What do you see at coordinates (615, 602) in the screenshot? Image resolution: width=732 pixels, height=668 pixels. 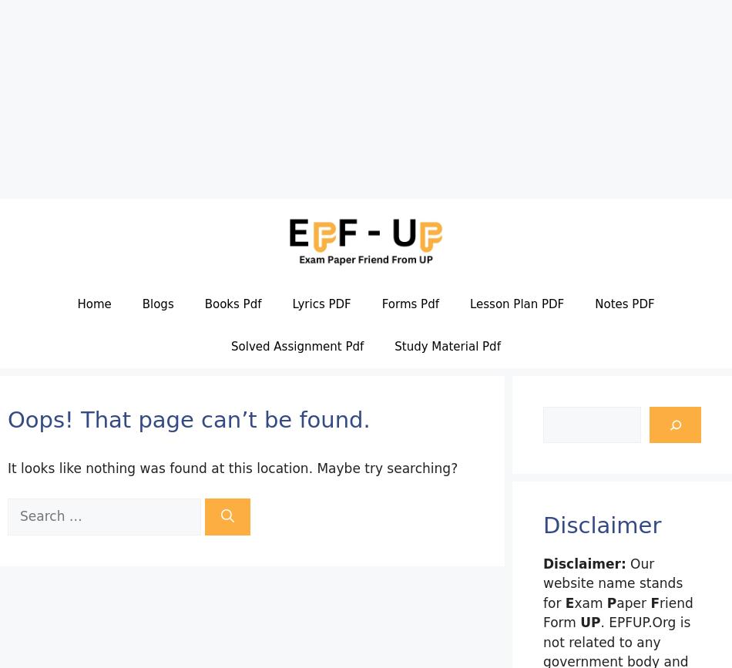 I see `'aper'` at bounding box center [615, 602].